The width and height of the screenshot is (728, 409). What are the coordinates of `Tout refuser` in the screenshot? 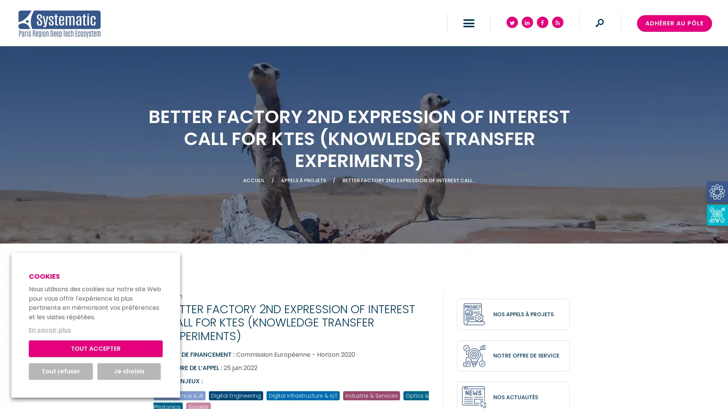 It's located at (61, 371).